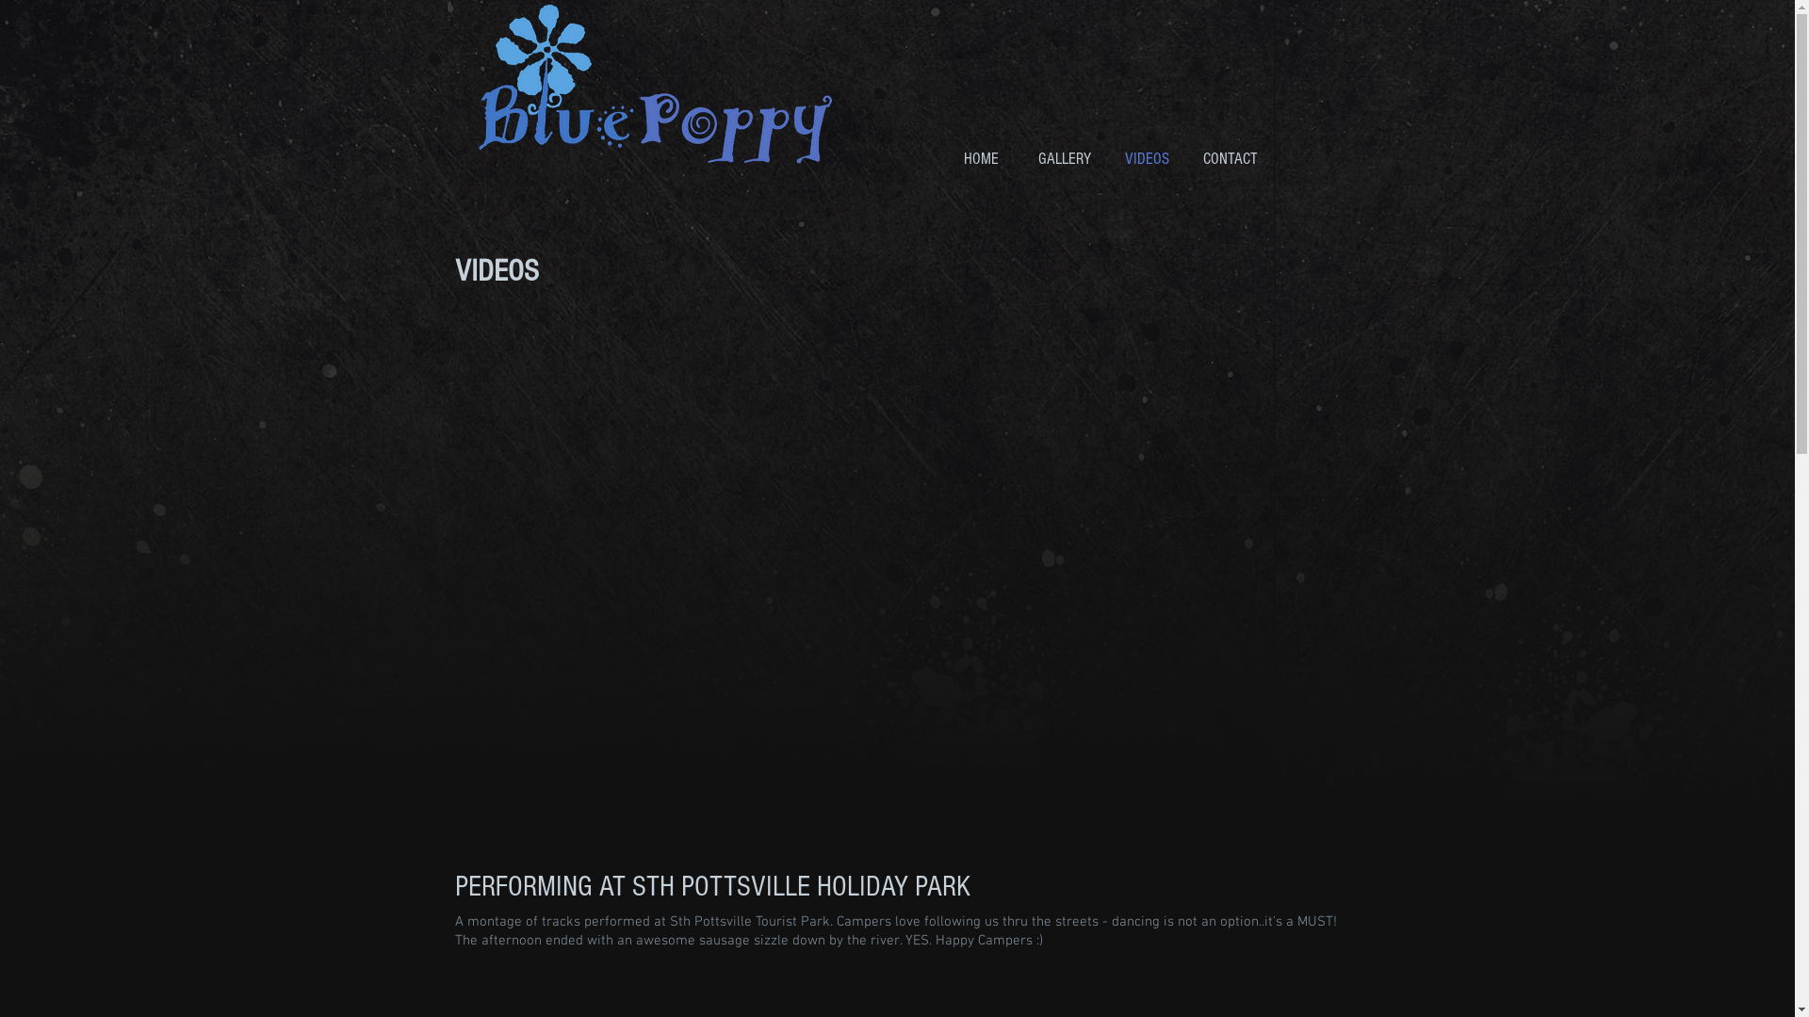 This screenshot has width=1809, height=1017. What do you see at coordinates (1064, 158) in the screenshot?
I see `'GALLERY'` at bounding box center [1064, 158].